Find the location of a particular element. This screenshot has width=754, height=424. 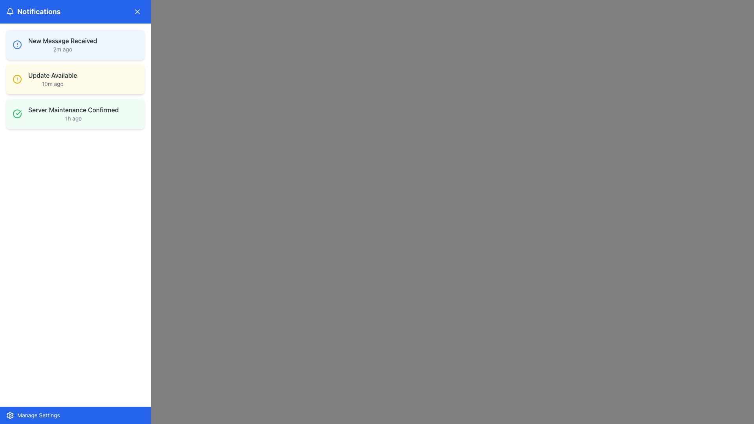

the green-outlined circle icon with a checkmark inside, located in the notification labeled 'Server Maintenance Confirmed' is located at coordinates (17, 113).